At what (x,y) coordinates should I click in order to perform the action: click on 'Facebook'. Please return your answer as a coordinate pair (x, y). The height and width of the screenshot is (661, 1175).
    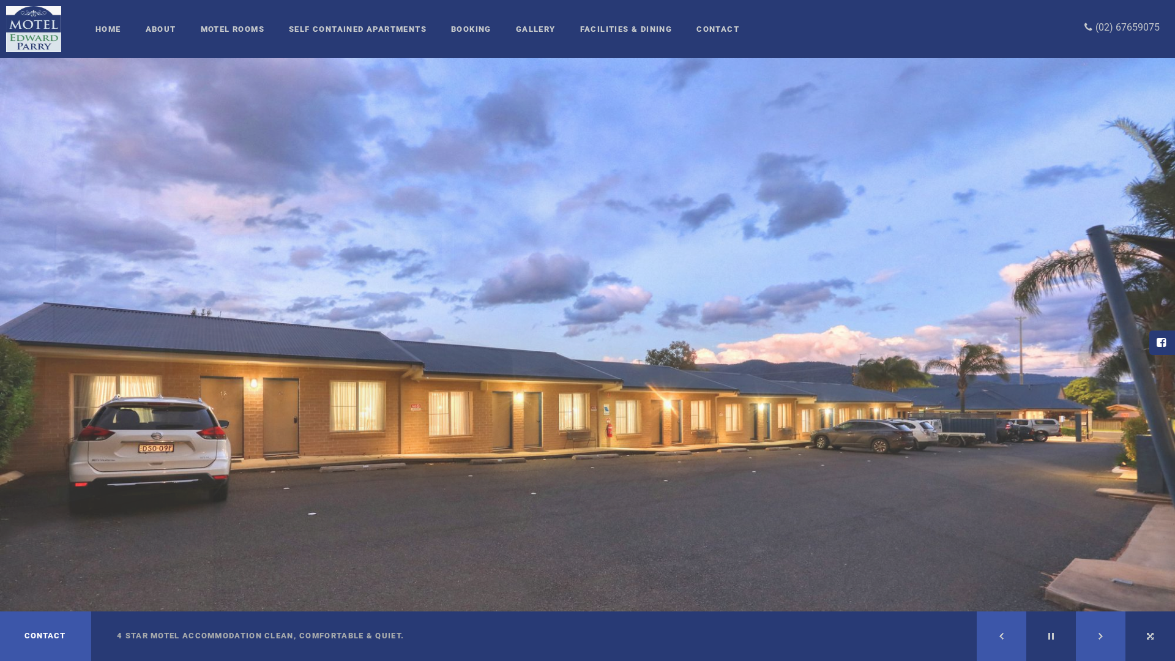
    Looking at the image, I should click on (1162, 342).